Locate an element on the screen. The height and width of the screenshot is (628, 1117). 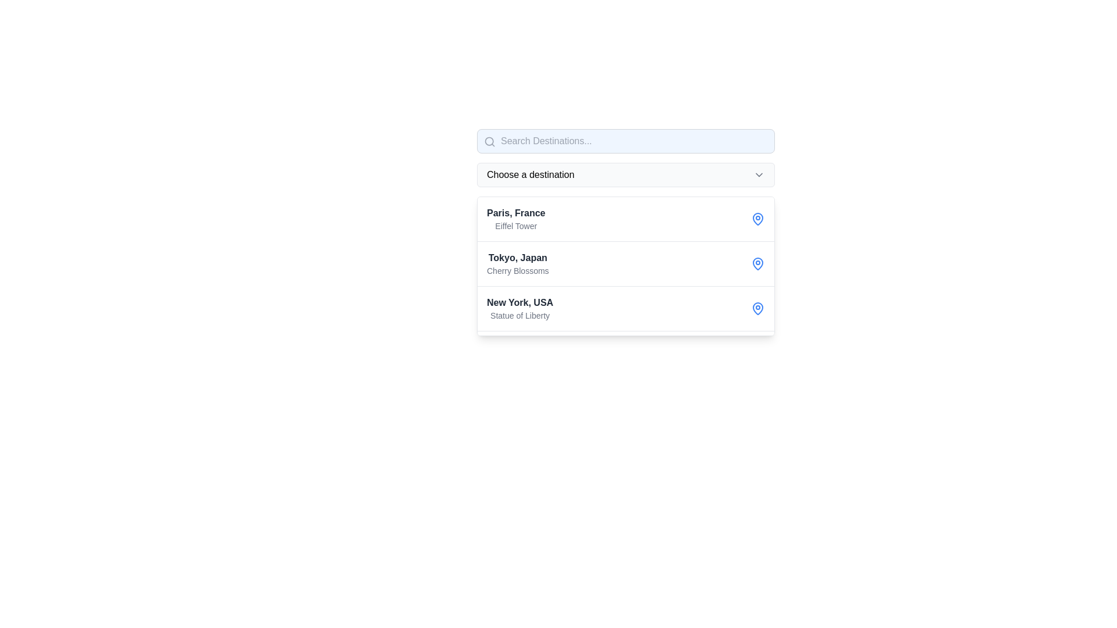
the magnifying glass SVG icon, which symbolizes the search functionality, located at the top-left corner of the input field for 'Search Destinations...' is located at coordinates (489, 141).